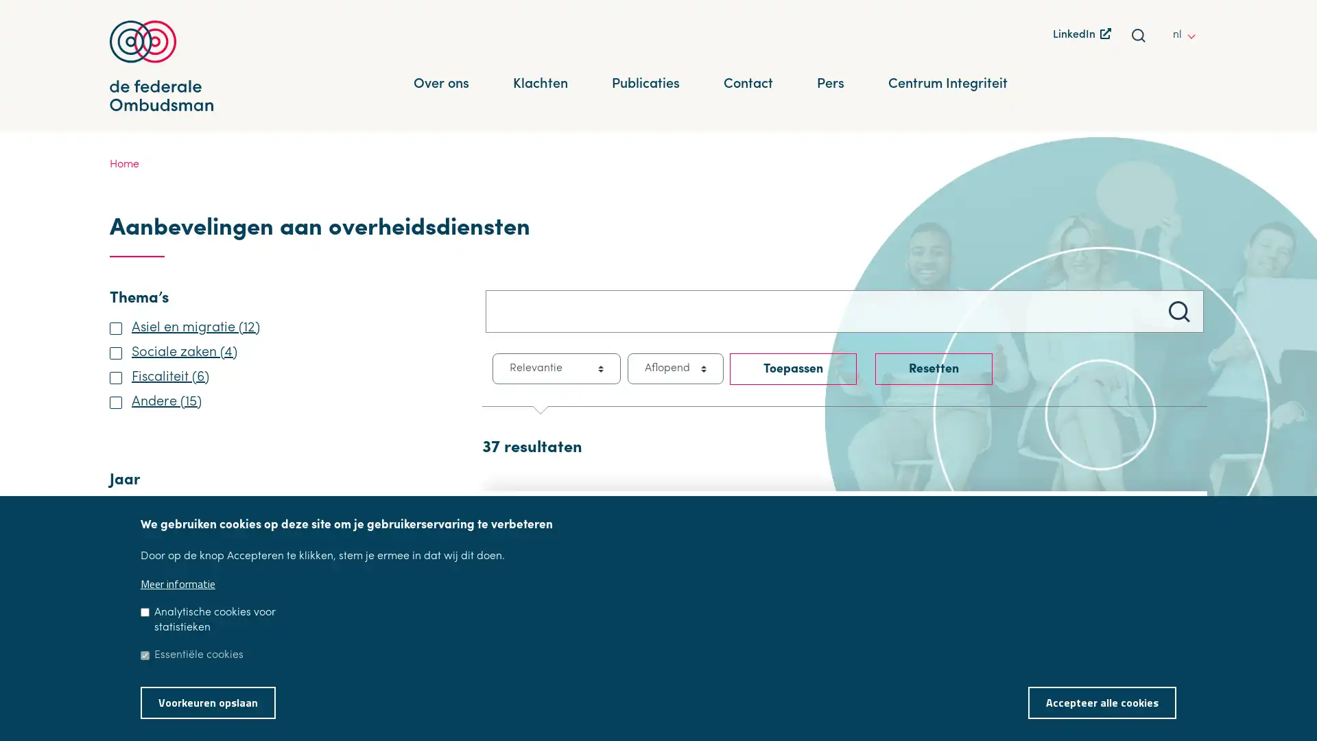 The height and width of the screenshot is (741, 1317). I want to click on Toepassen, so click(793, 368).